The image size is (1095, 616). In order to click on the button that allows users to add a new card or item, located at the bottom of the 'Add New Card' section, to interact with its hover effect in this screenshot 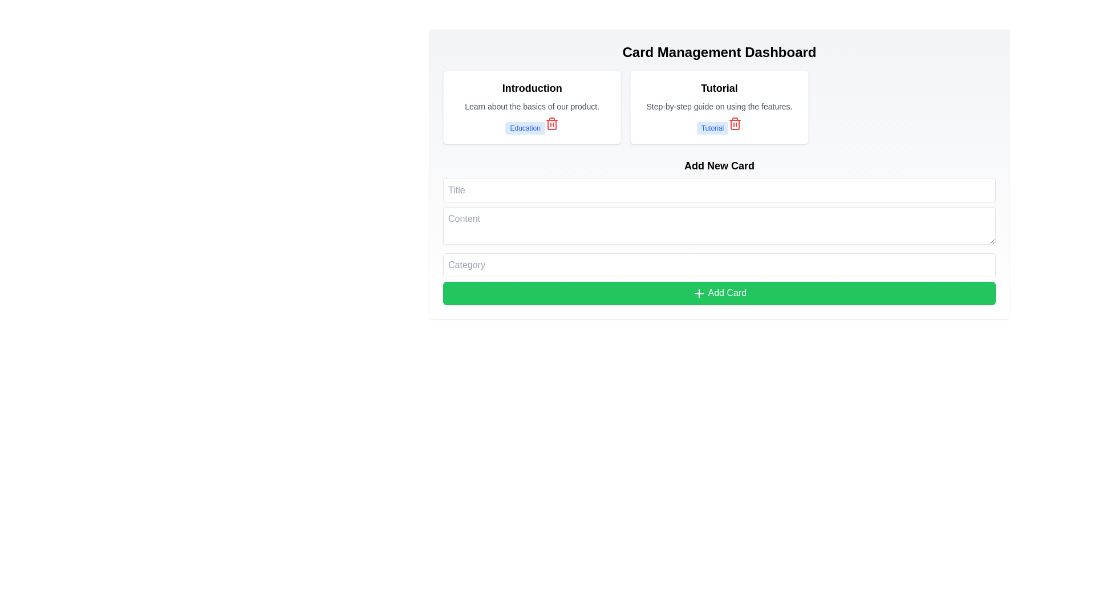, I will do `click(719, 293)`.